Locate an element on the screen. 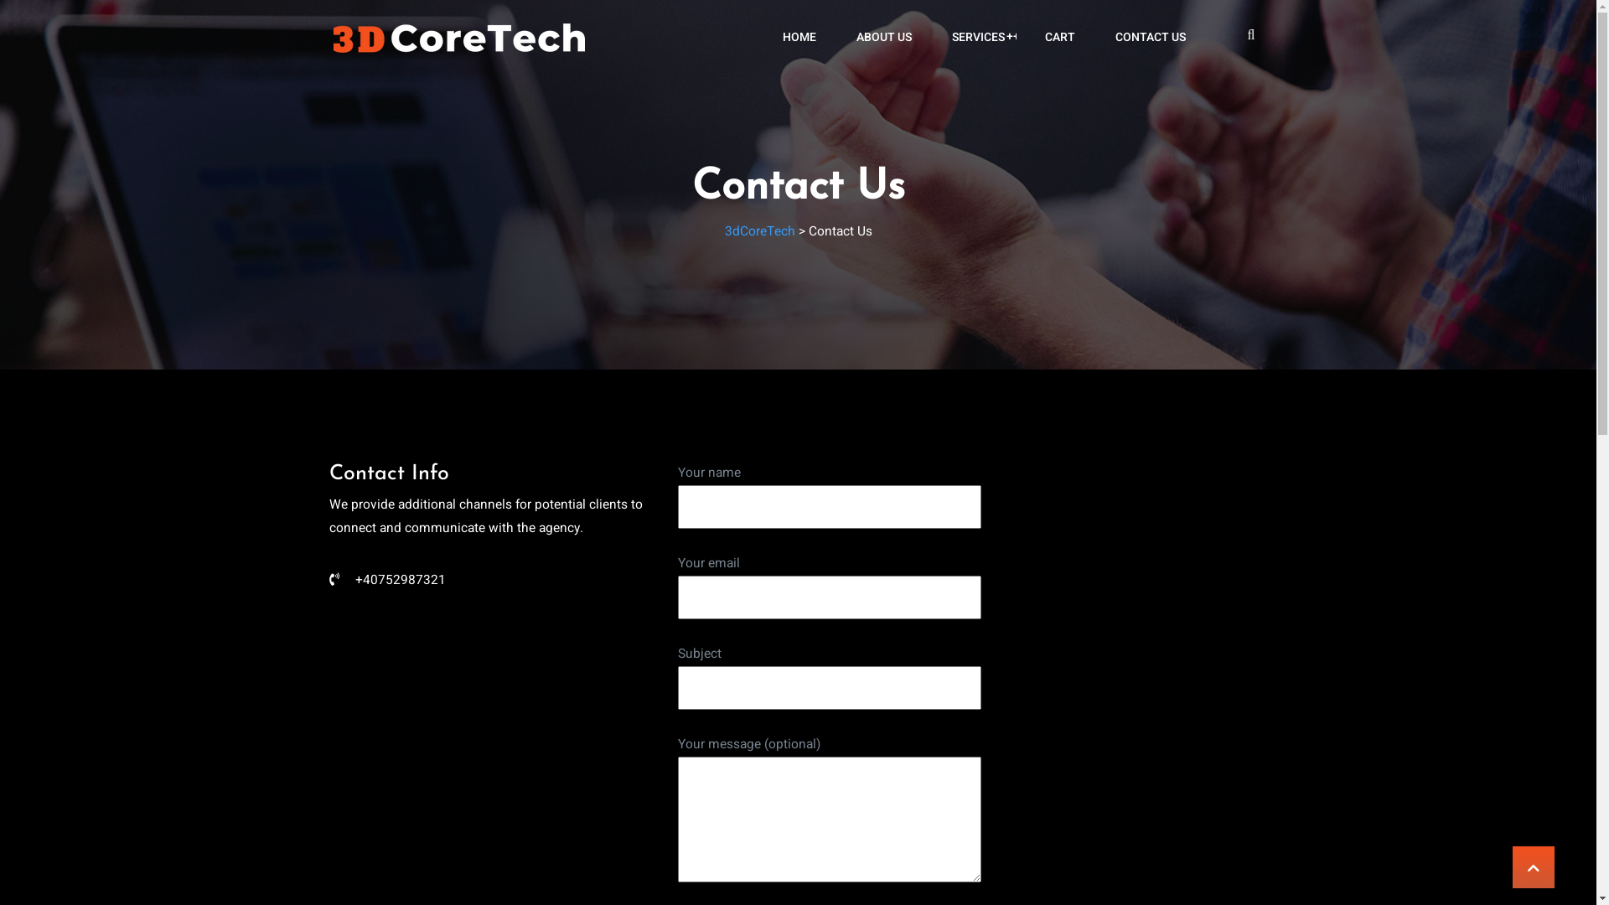 Image resolution: width=1609 pixels, height=905 pixels. '+ is located at coordinates (978, 38).